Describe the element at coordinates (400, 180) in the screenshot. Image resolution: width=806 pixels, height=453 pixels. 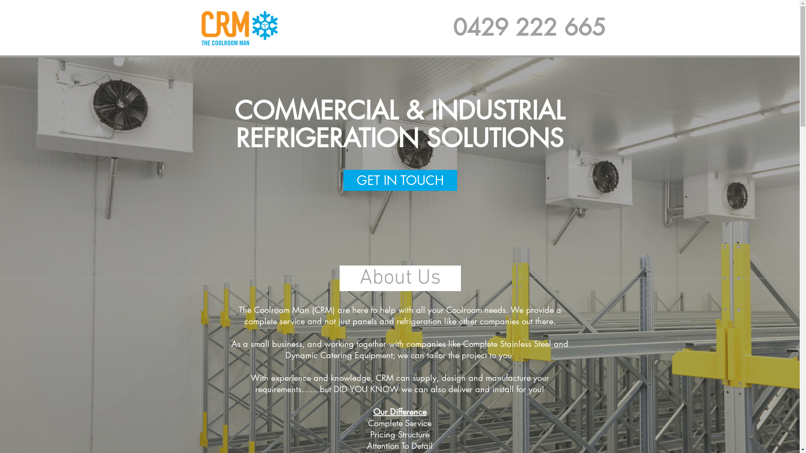
I see `'GET IN TOUCH'` at that location.